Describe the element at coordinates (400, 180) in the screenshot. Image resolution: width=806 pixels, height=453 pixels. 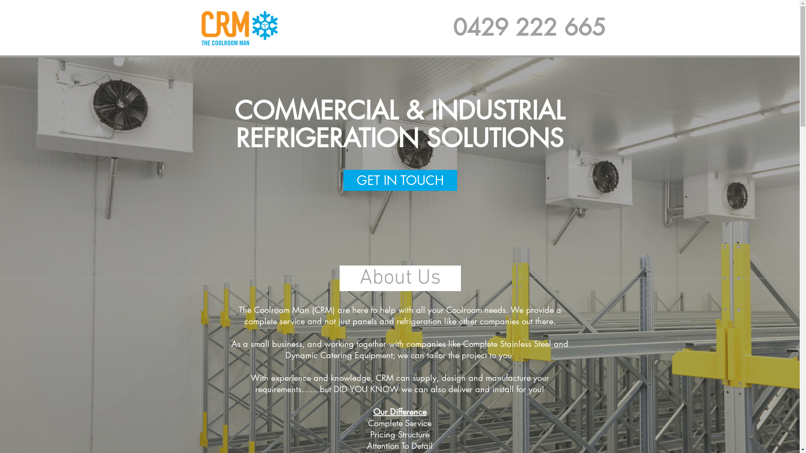
I see `'GET IN TOUCH'` at that location.